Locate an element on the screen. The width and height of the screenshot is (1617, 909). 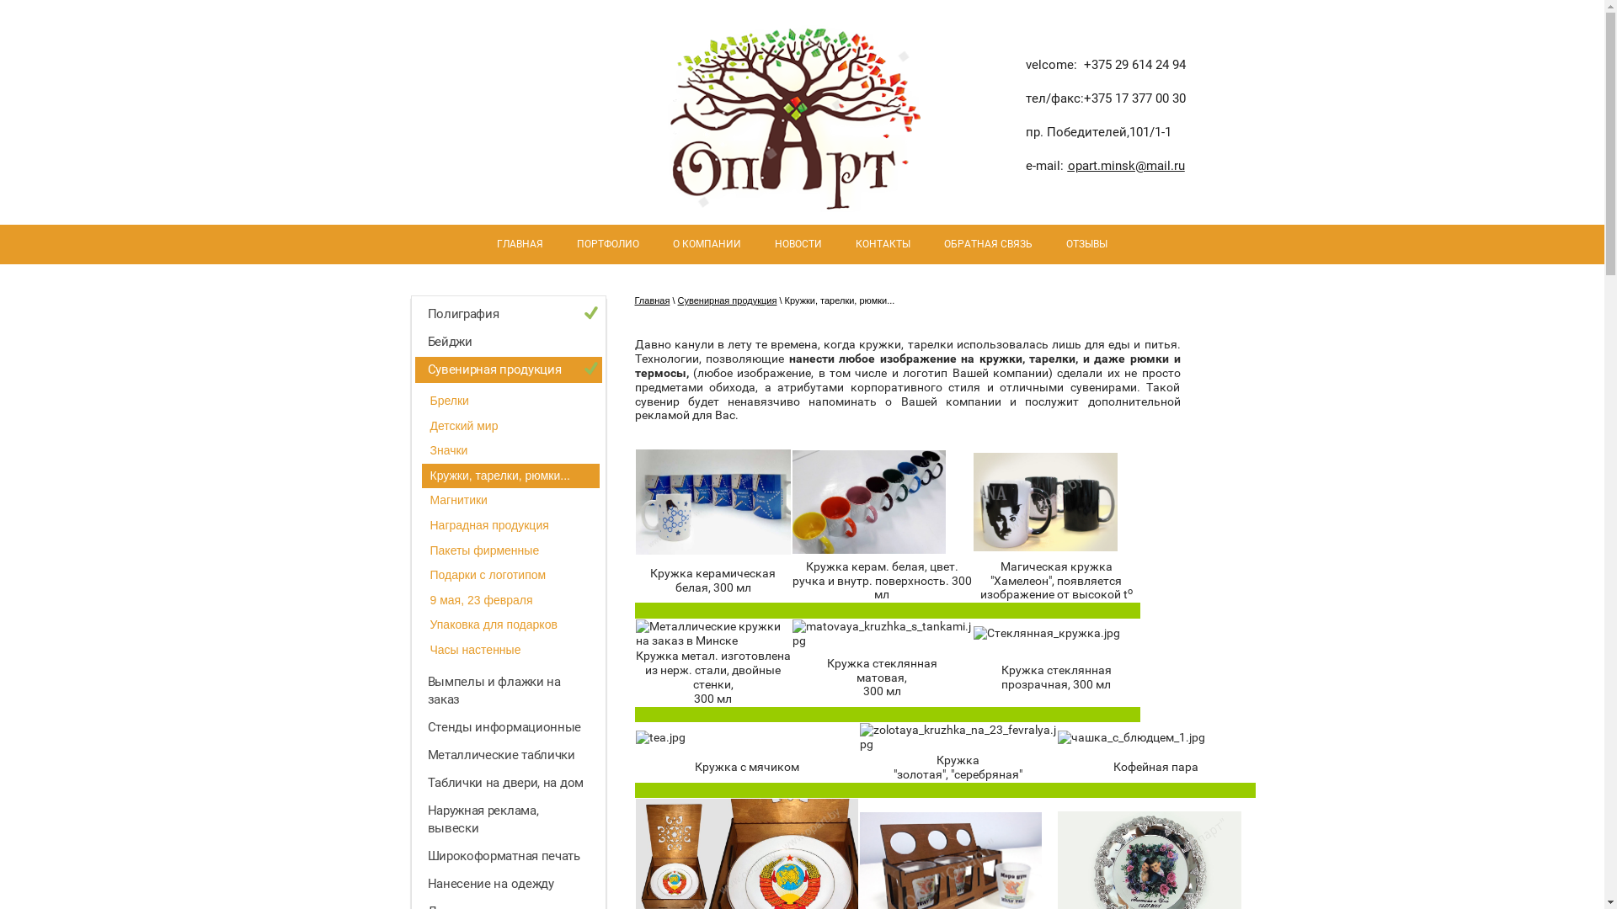
'+375 17 377 00 30' is located at coordinates (1134, 98).